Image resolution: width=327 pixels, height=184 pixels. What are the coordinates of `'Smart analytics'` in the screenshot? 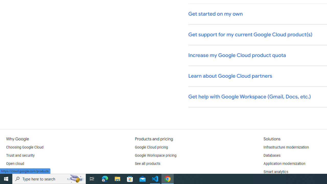 It's located at (275, 172).